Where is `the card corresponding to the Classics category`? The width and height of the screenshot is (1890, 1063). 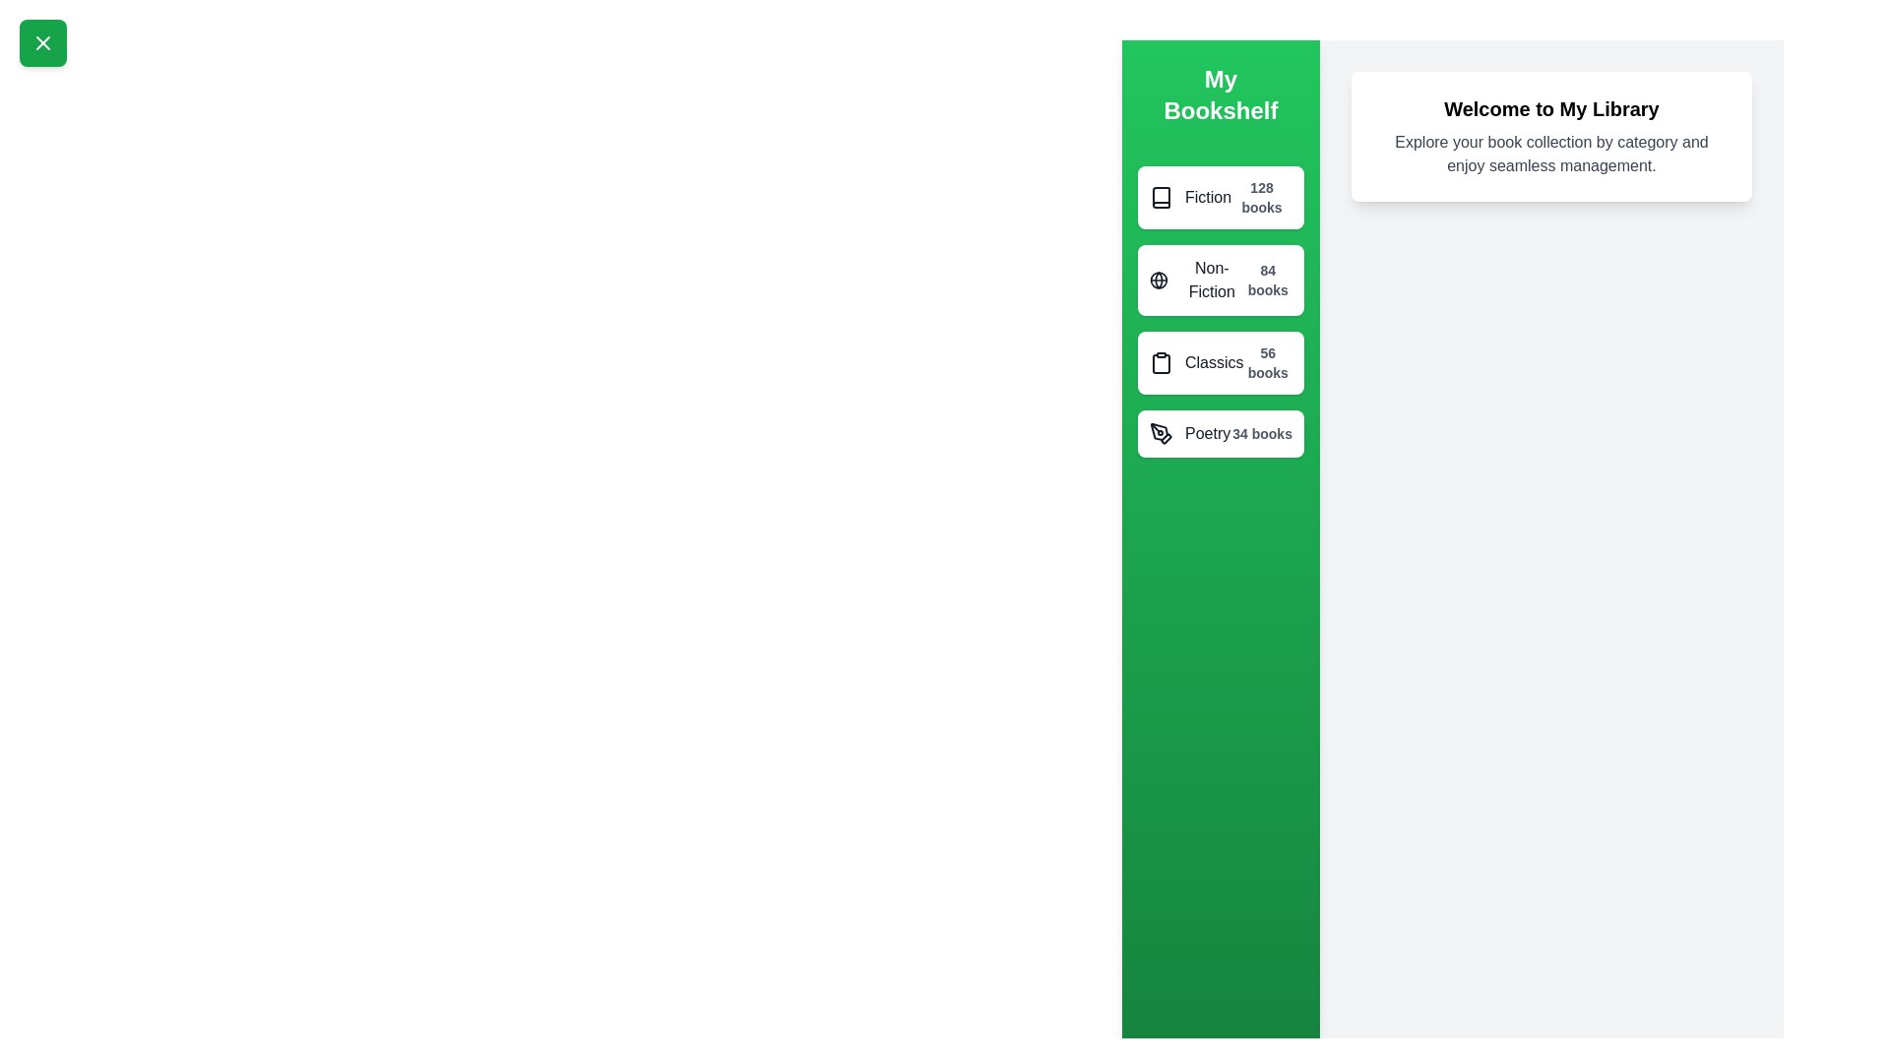 the card corresponding to the Classics category is located at coordinates (1219, 363).